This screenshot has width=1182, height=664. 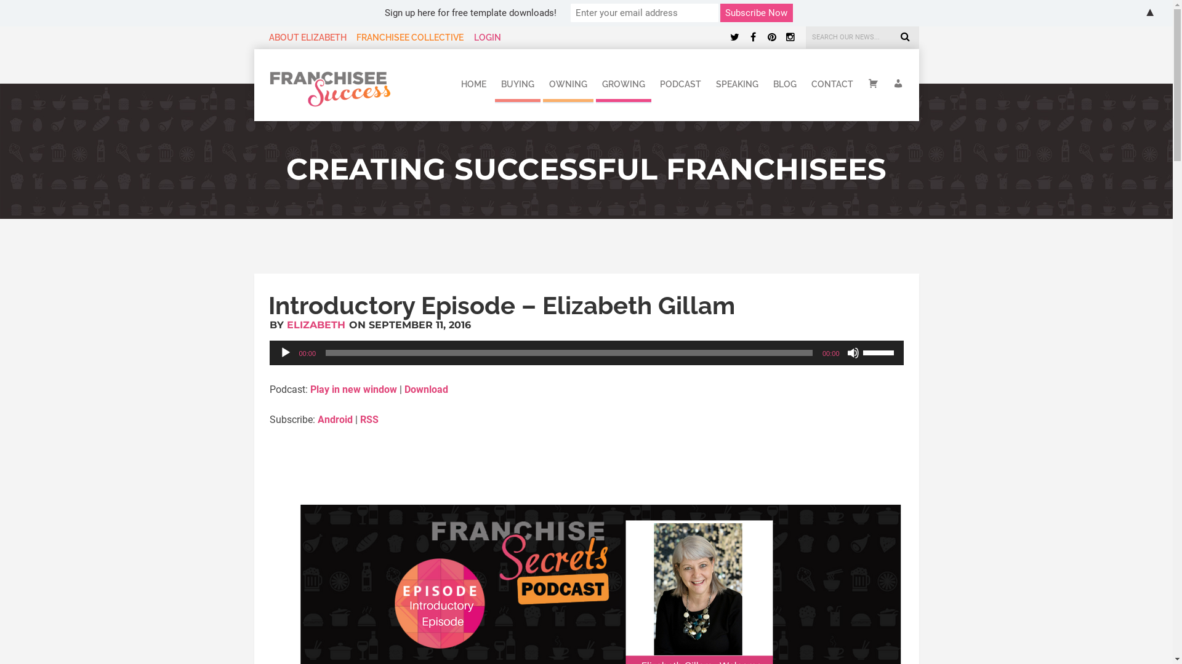 What do you see at coordinates (487, 37) in the screenshot?
I see `'LOGIN'` at bounding box center [487, 37].